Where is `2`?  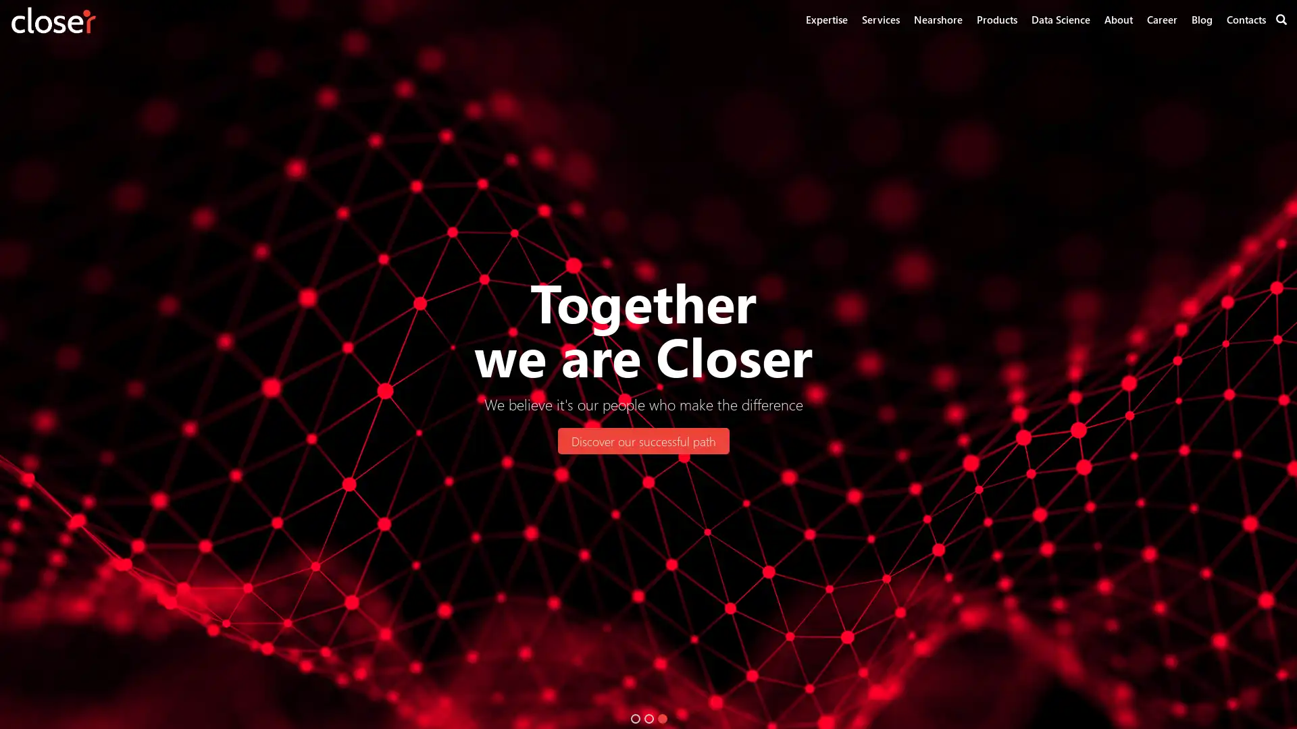
2 is located at coordinates (648, 718).